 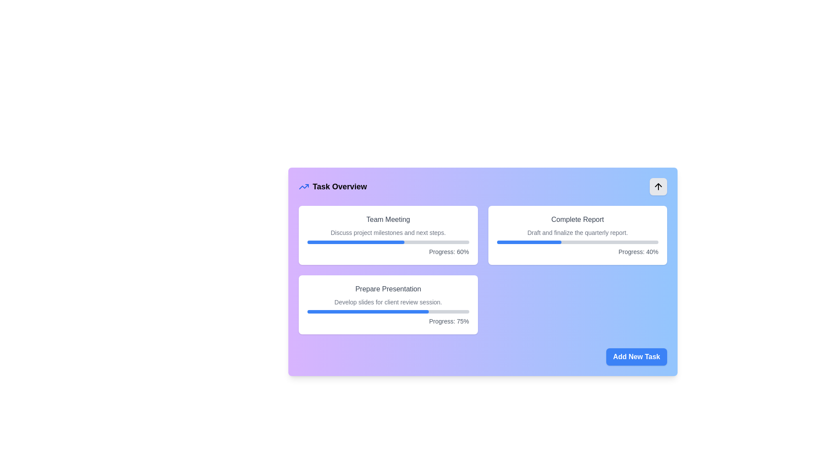 What do you see at coordinates (337, 311) in the screenshot?
I see `the progress of the 'Prepare Presentation' task` at bounding box center [337, 311].